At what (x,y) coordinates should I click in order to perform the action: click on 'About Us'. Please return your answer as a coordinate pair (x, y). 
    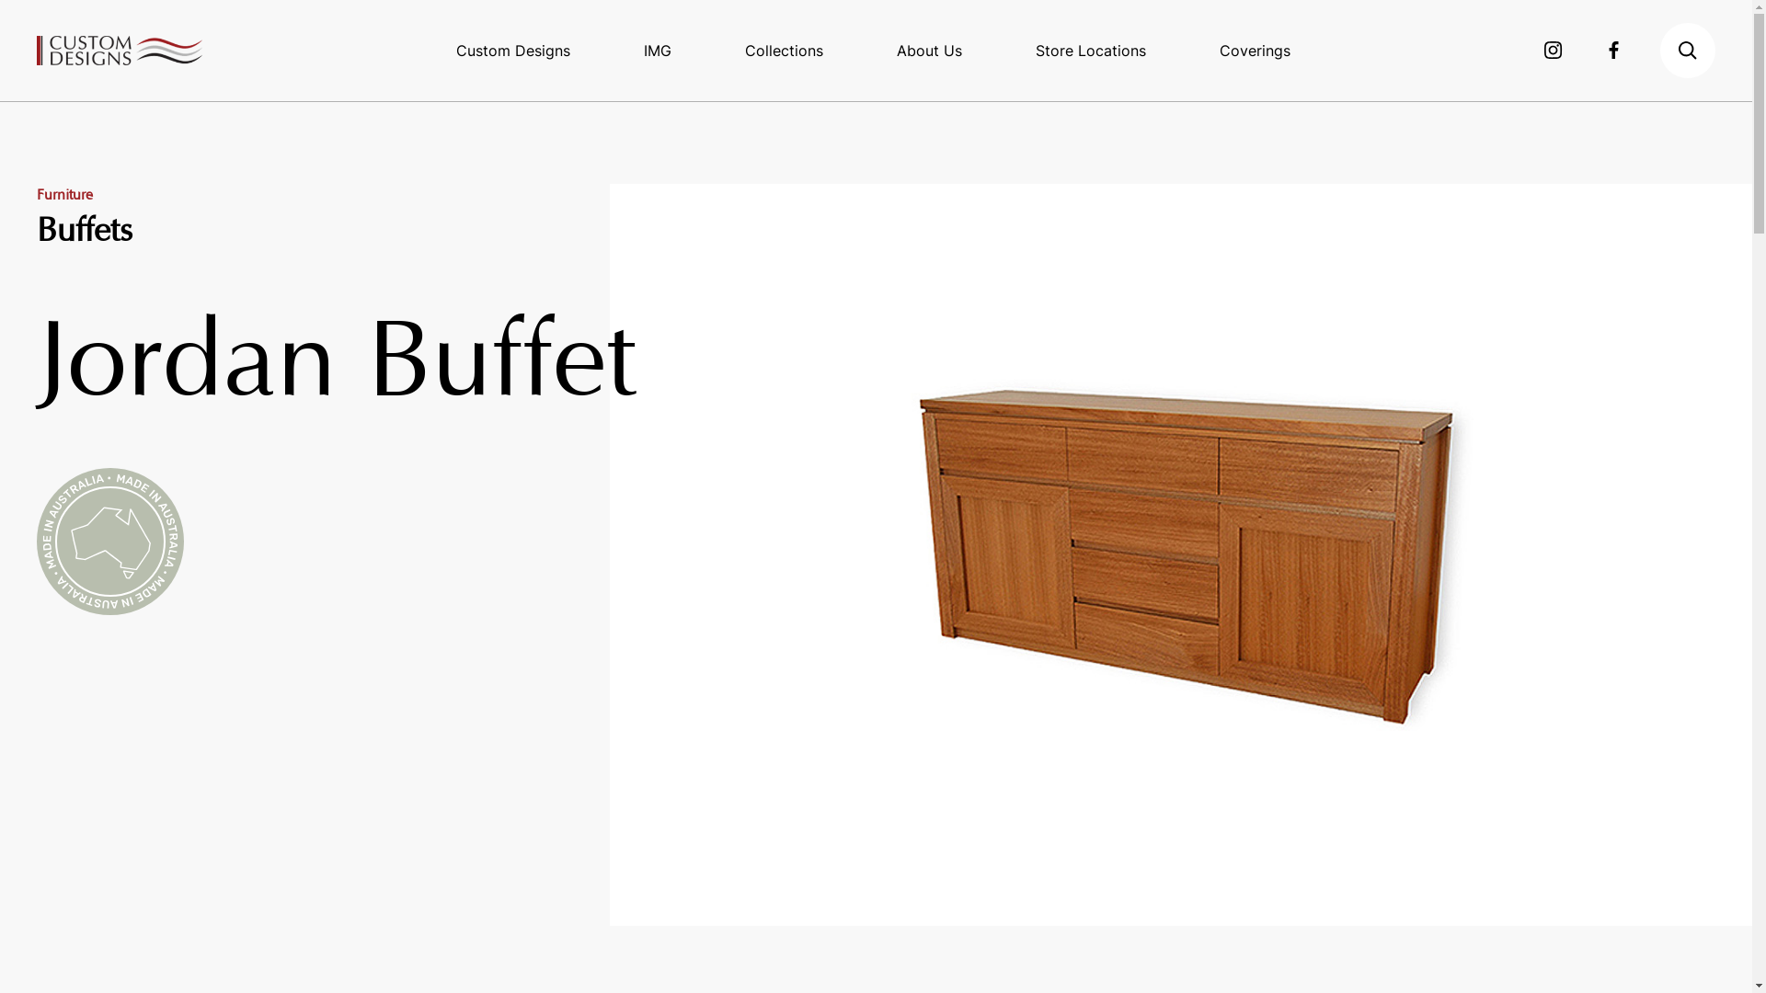
    Looking at the image, I should click on (929, 49).